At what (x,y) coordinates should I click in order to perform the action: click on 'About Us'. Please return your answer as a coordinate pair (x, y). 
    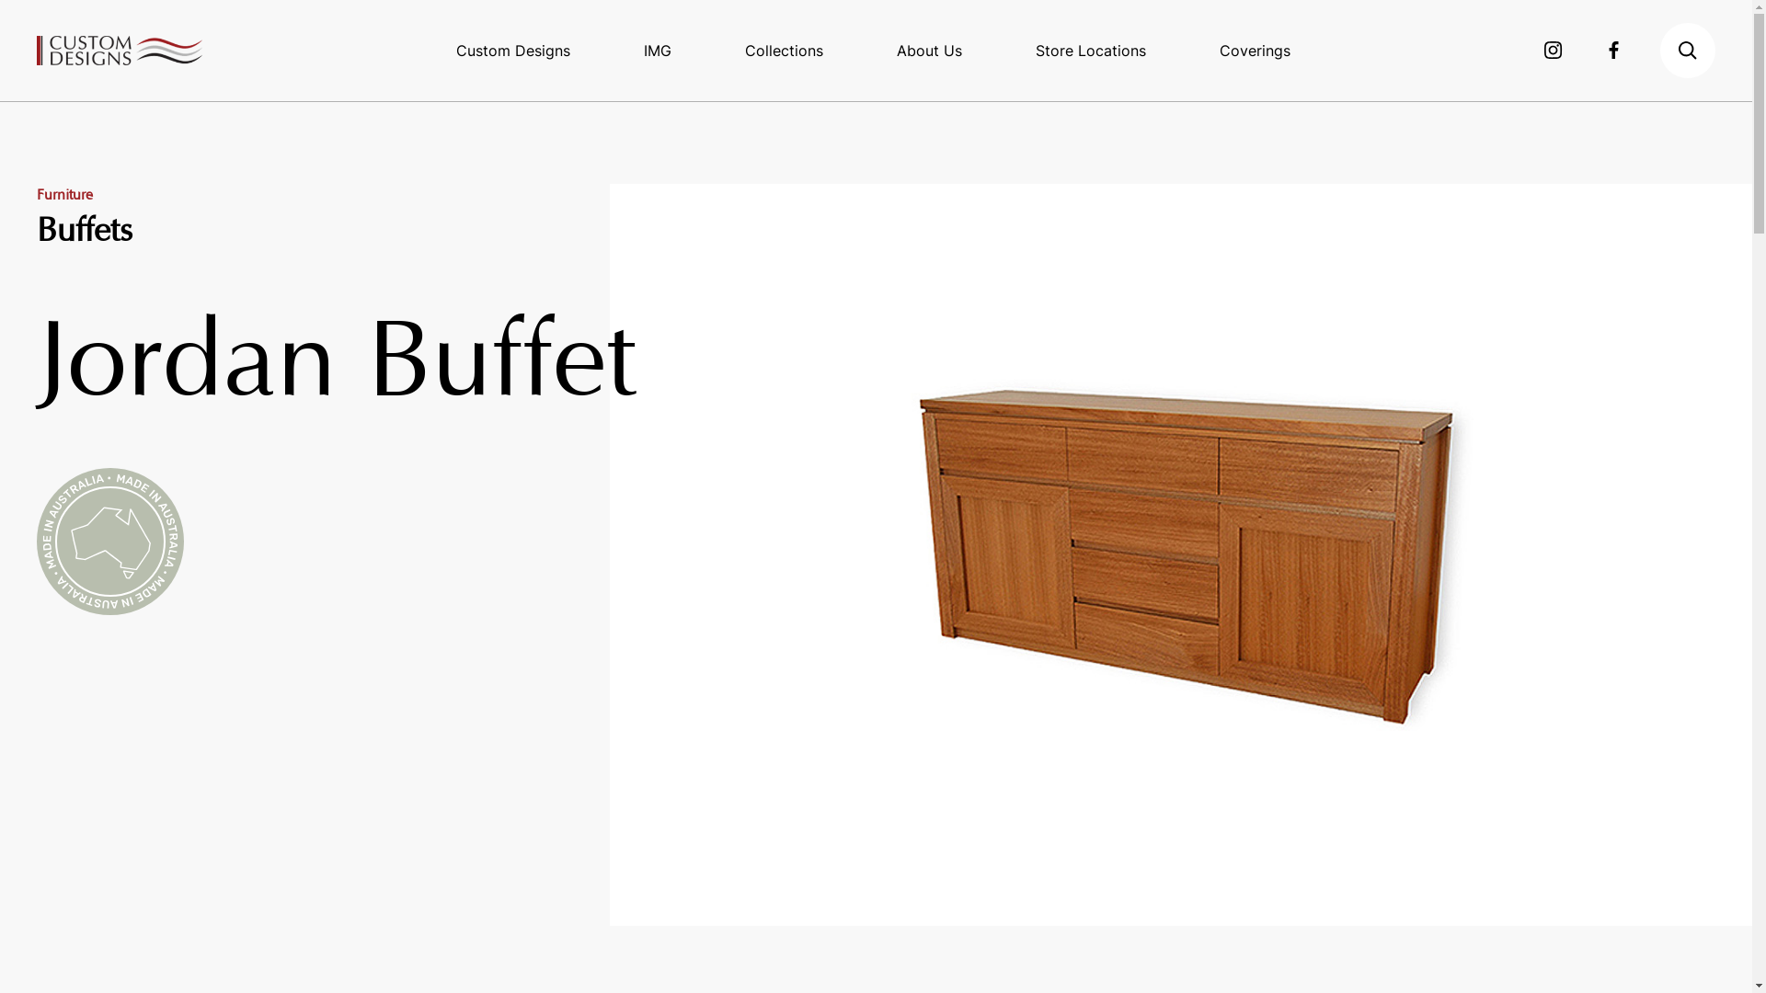
    Looking at the image, I should click on (929, 49).